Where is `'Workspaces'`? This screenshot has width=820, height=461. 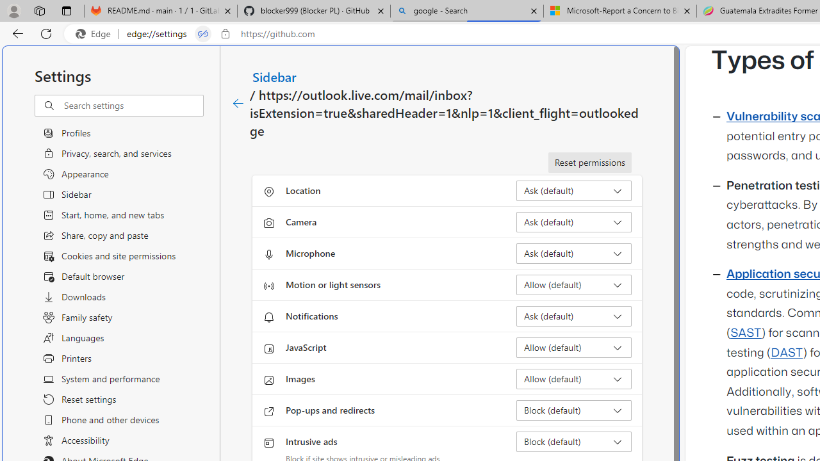 'Workspaces' is located at coordinates (39, 10).